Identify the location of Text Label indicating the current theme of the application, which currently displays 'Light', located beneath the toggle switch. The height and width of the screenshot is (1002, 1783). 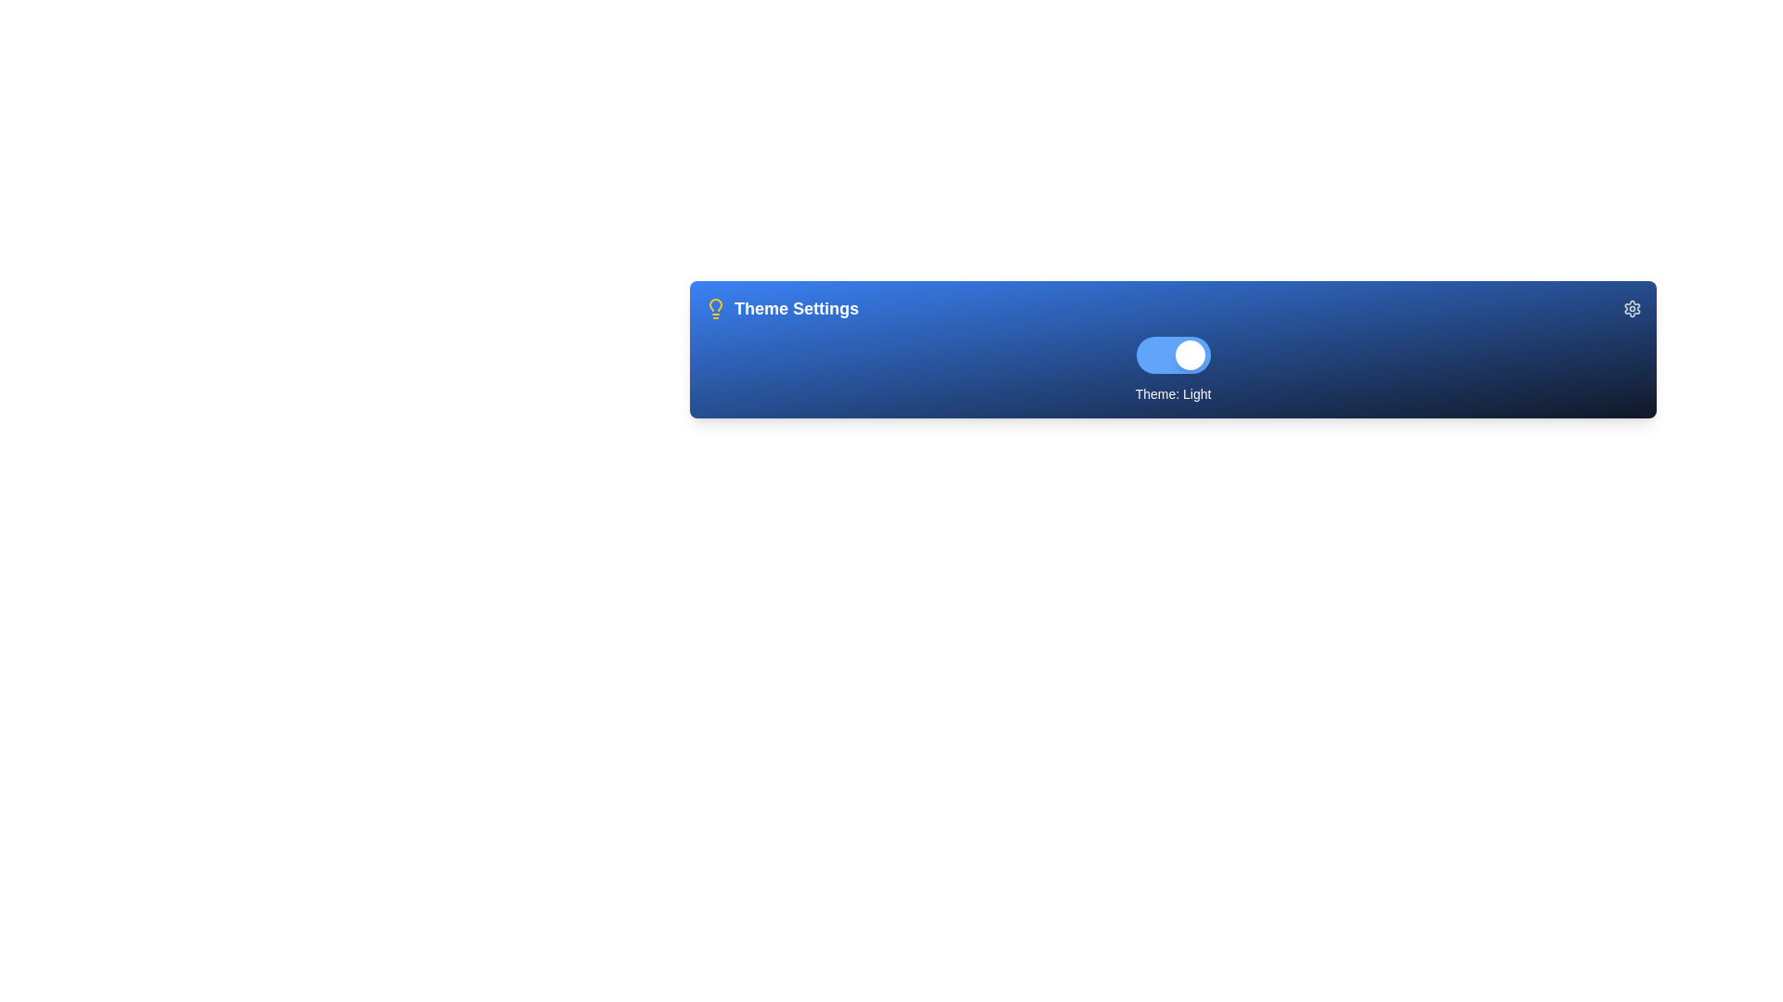
(1172, 392).